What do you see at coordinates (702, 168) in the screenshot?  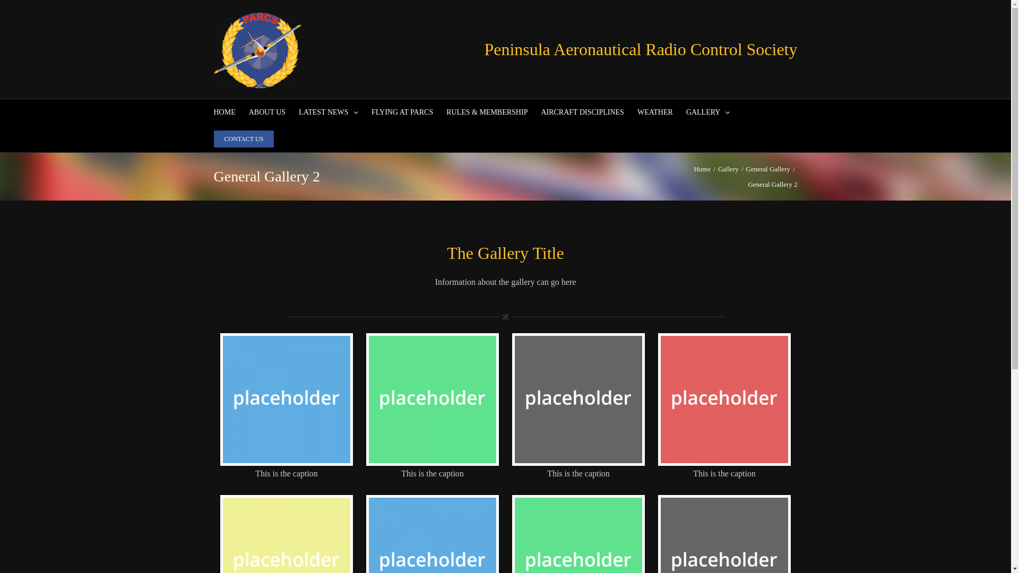 I see `'Home'` at bounding box center [702, 168].